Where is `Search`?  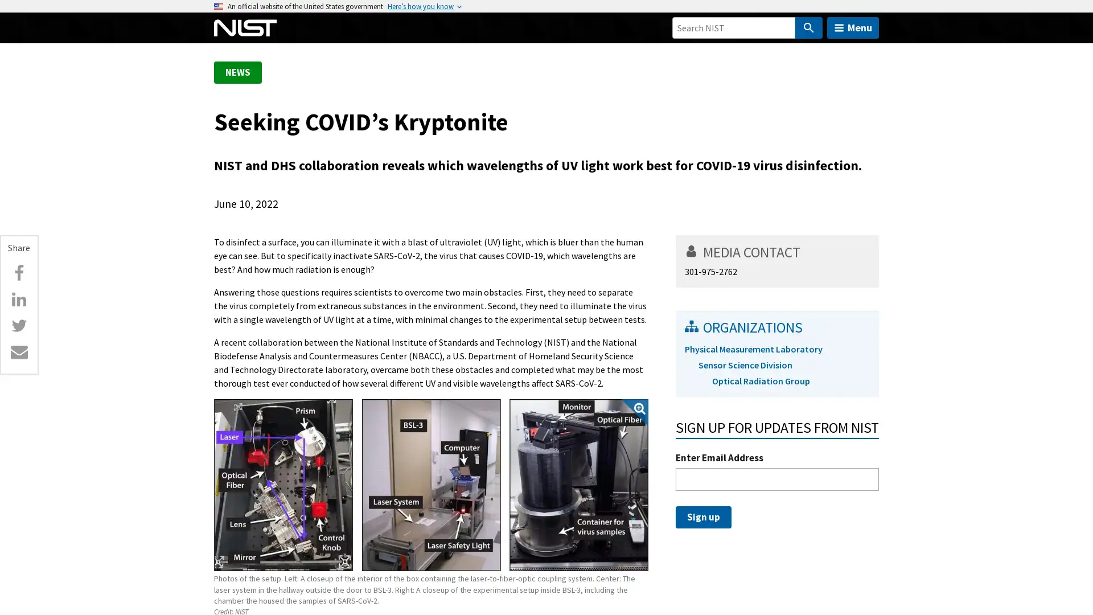 Search is located at coordinates (808, 27).